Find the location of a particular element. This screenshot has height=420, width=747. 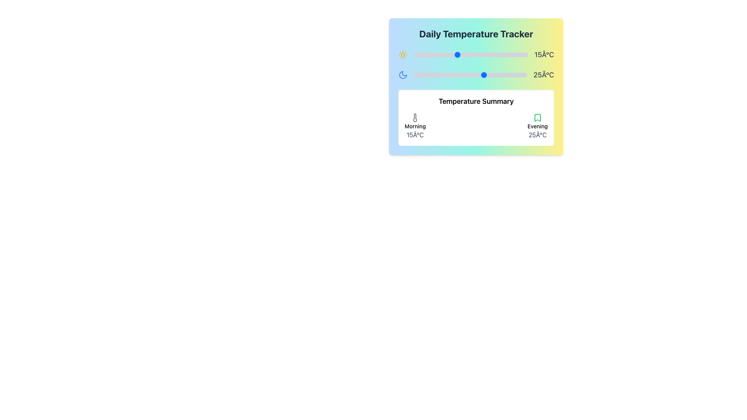

the slider value is located at coordinates (467, 75).